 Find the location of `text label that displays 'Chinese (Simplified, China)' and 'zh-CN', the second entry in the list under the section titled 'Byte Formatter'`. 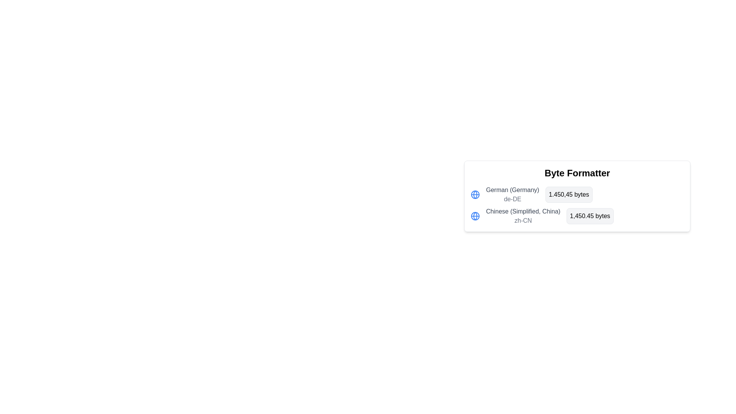

text label that displays 'Chinese (Simplified, China)' and 'zh-CN', the second entry in the list under the section titled 'Byte Formatter' is located at coordinates (522, 216).